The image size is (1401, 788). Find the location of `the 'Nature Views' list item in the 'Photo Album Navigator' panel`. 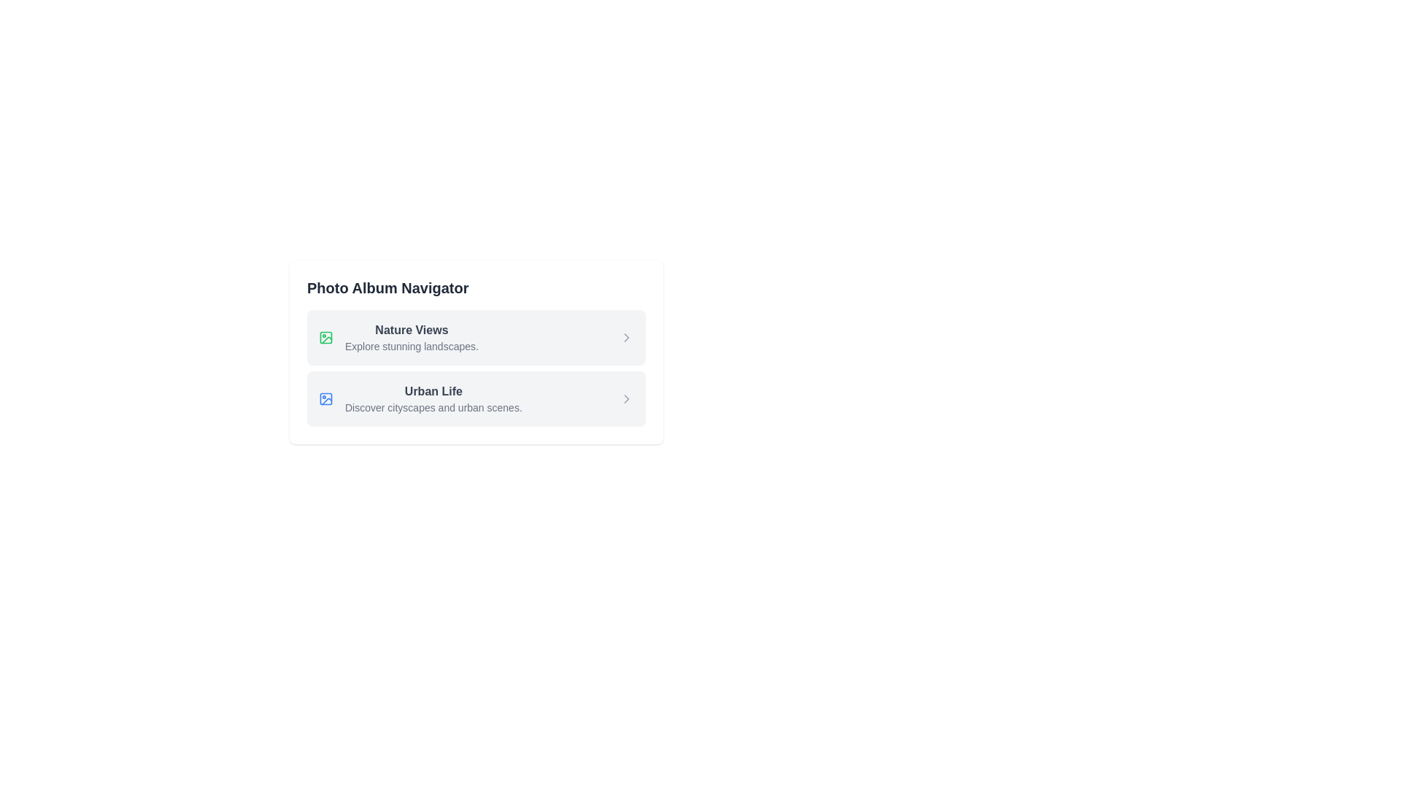

the 'Nature Views' list item in the 'Photo Album Navigator' panel is located at coordinates (398, 337).